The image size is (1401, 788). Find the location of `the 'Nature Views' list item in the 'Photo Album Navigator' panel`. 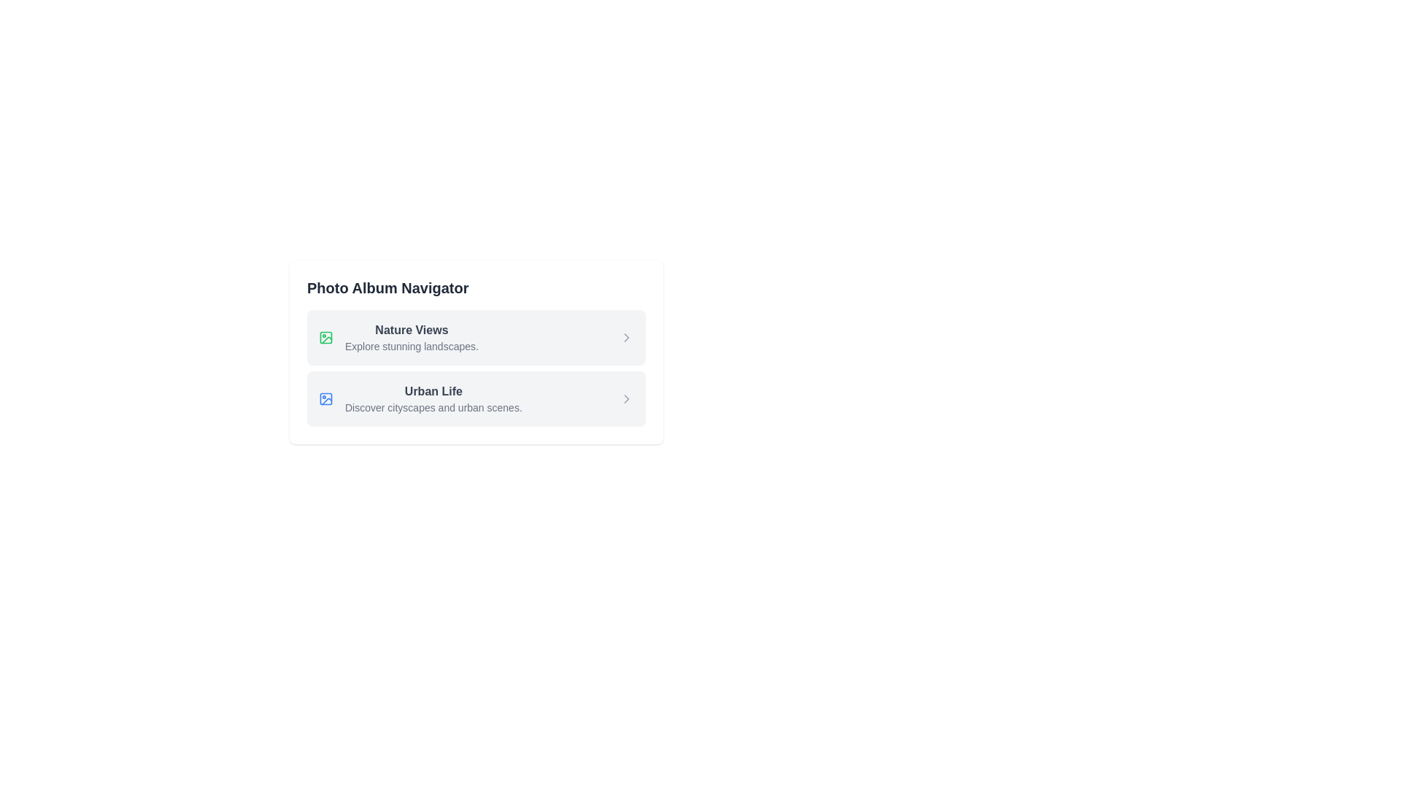

the 'Nature Views' list item in the 'Photo Album Navigator' panel is located at coordinates (398, 337).